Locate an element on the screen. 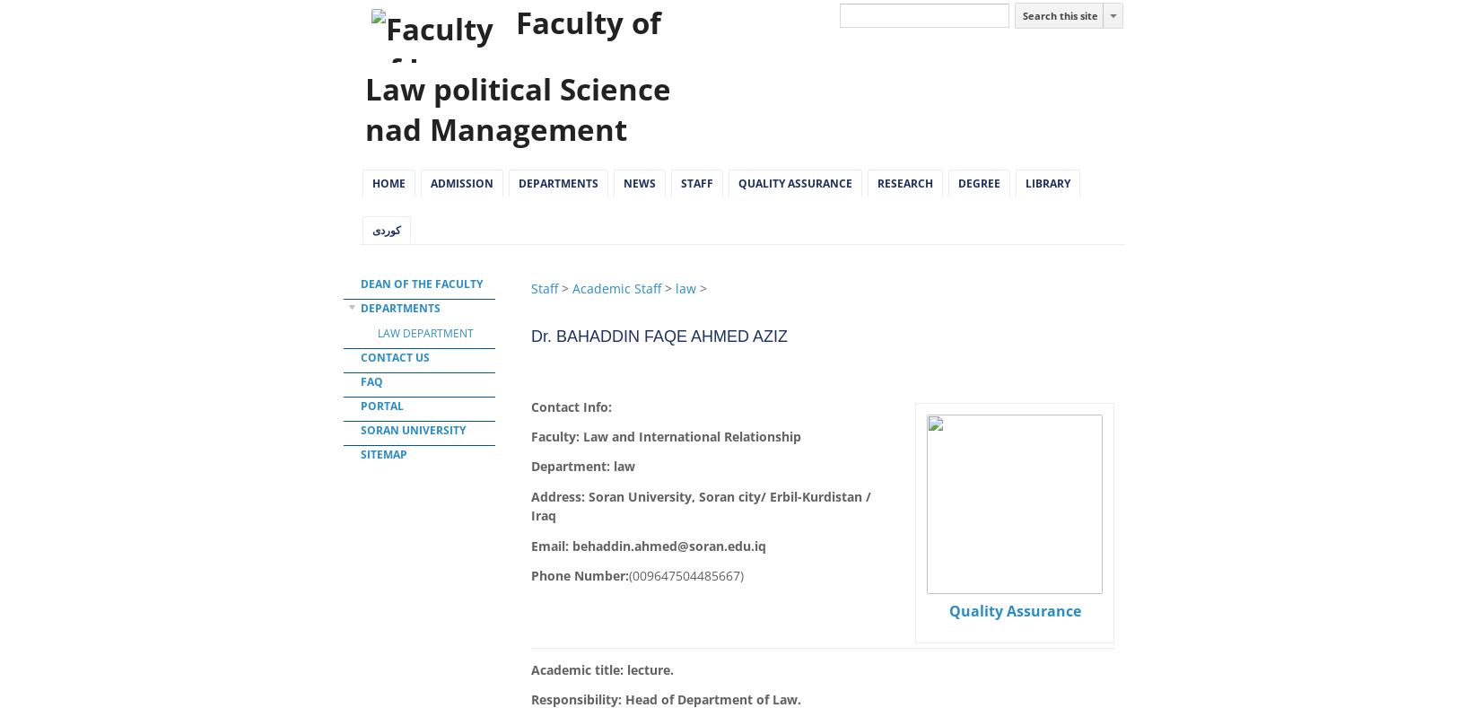 This screenshot has width=1484, height=708. 'admission' is located at coordinates (462, 182).